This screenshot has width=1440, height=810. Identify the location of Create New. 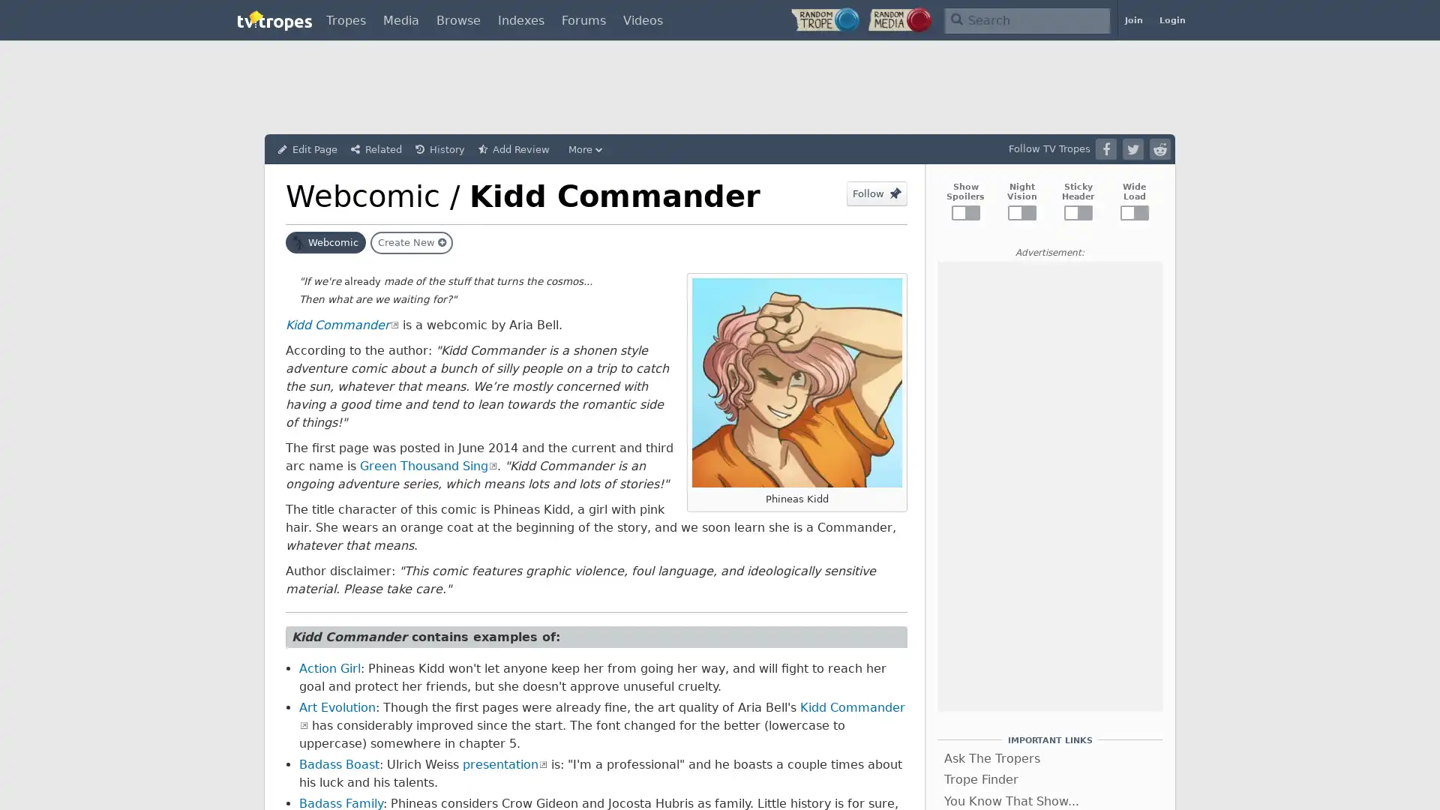
(411, 242).